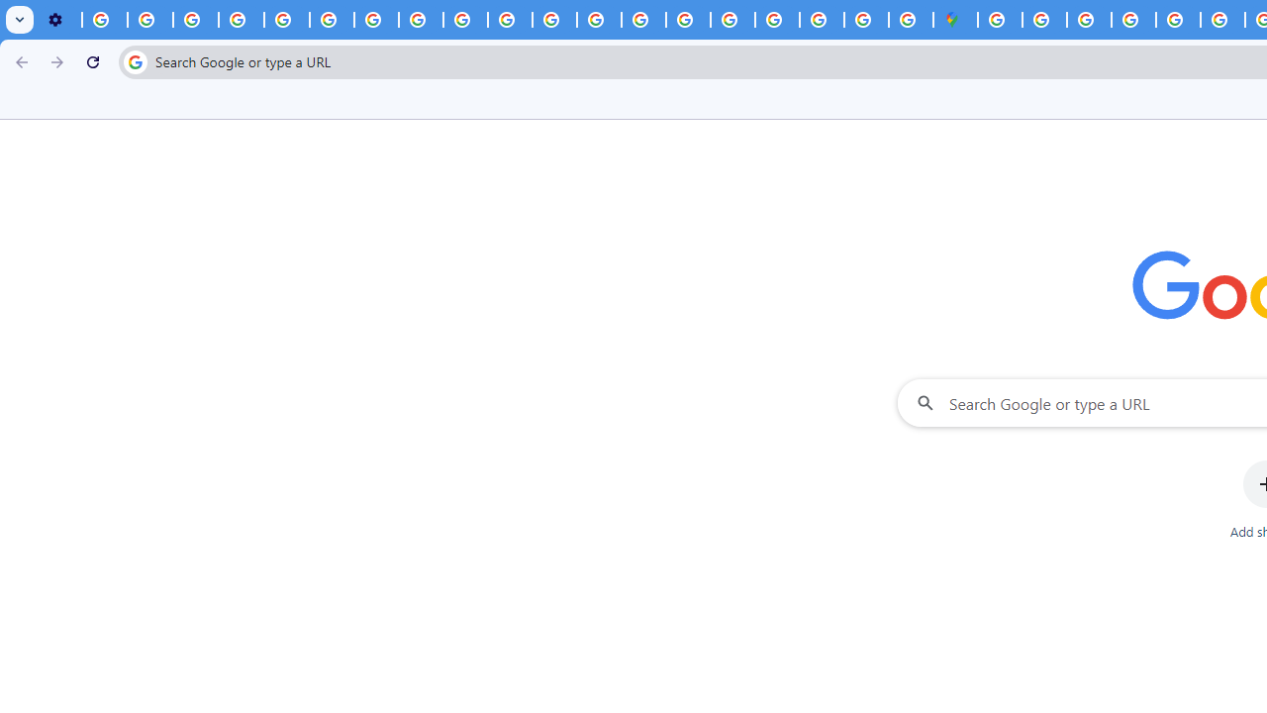  What do you see at coordinates (1043, 20) in the screenshot?
I see `'Sign in - Google Accounts'` at bounding box center [1043, 20].